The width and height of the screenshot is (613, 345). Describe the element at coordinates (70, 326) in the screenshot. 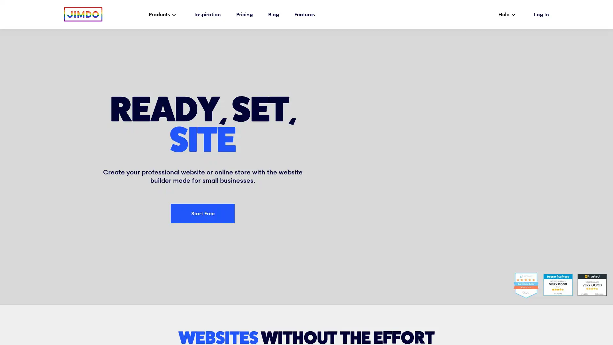

I see `Settings` at that location.